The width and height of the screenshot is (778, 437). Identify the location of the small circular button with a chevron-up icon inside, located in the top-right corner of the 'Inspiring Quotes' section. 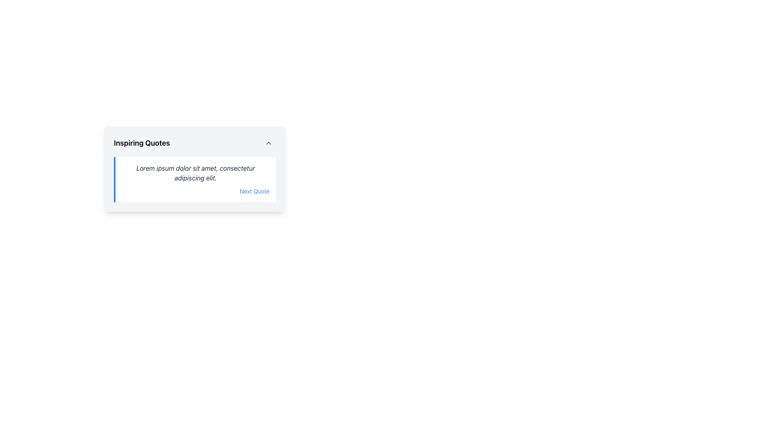
(268, 143).